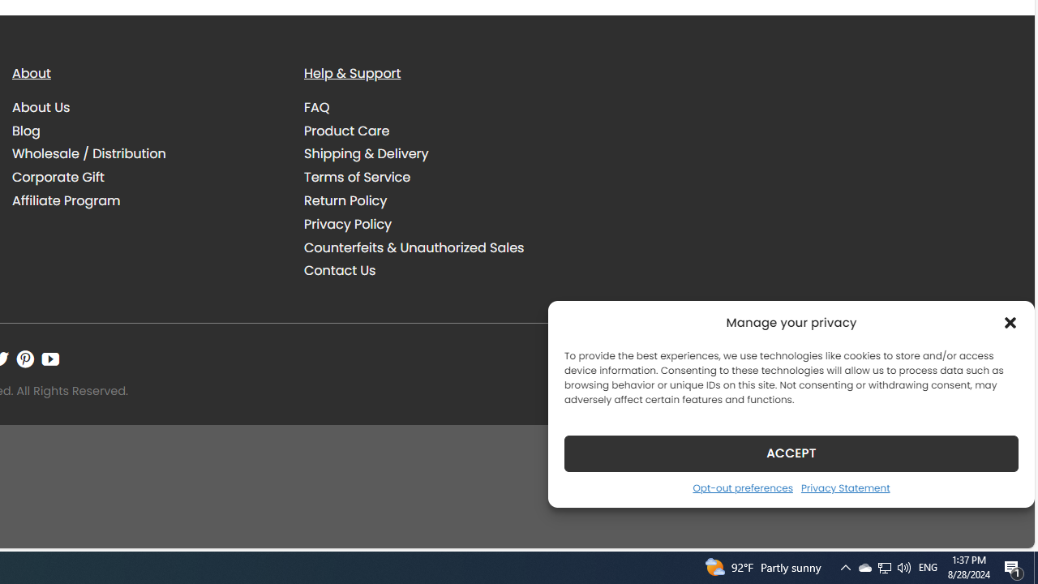 The height and width of the screenshot is (584, 1038). Describe the element at coordinates (339, 270) in the screenshot. I see `'Contact Us'` at that location.